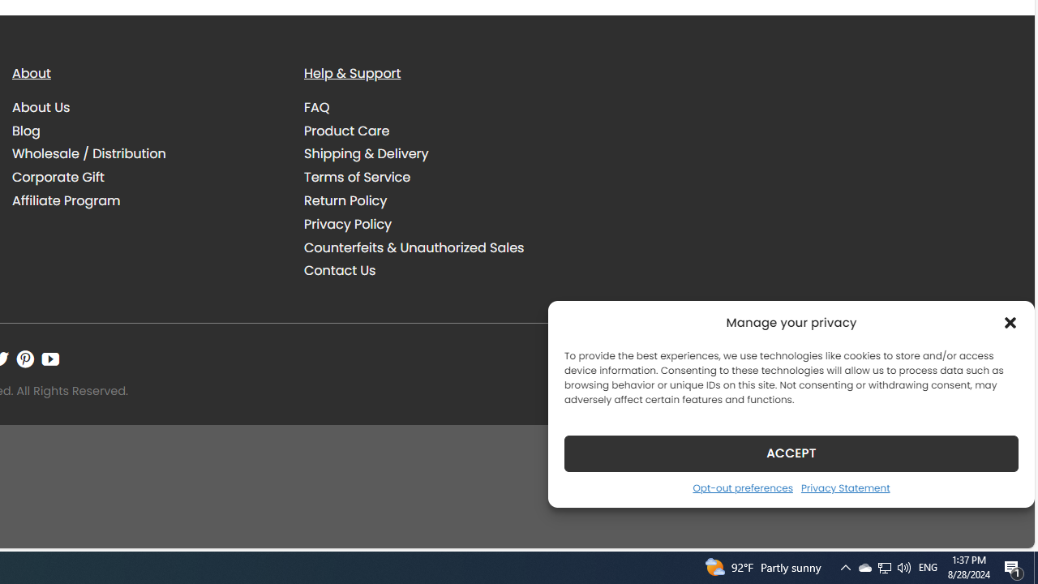 The height and width of the screenshot is (584, 1038). Describe the element at coordinates (339, 270) in the screenshot. I see `'Contact Us'` at that location.